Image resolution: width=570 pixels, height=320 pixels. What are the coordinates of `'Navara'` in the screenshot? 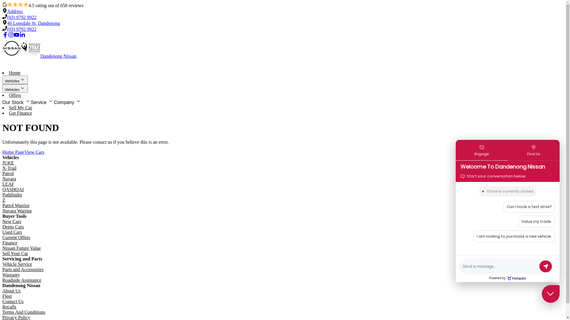 It's located at (9, 178).